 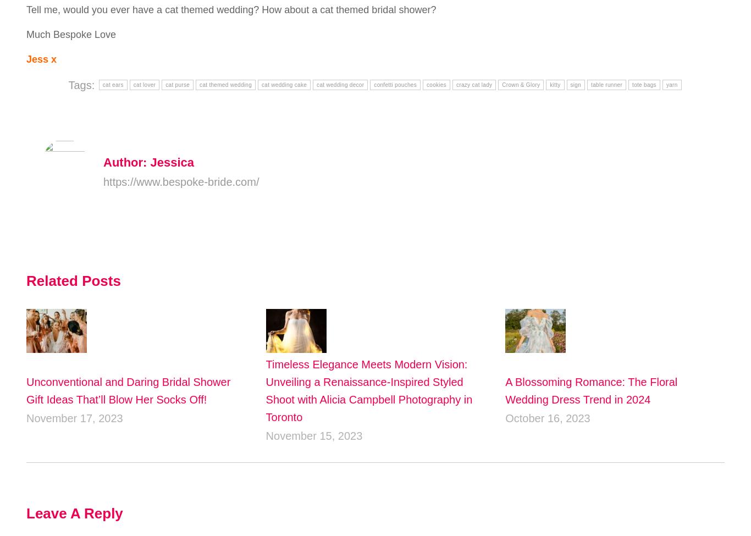 What do you see at coordinates (128, 390) in the screenshot?
I see `'Unconventional and Daring Bridal Shower Gift Ideas That’ll Blow Her Socks Off!'` at bounding box center [128, 390].